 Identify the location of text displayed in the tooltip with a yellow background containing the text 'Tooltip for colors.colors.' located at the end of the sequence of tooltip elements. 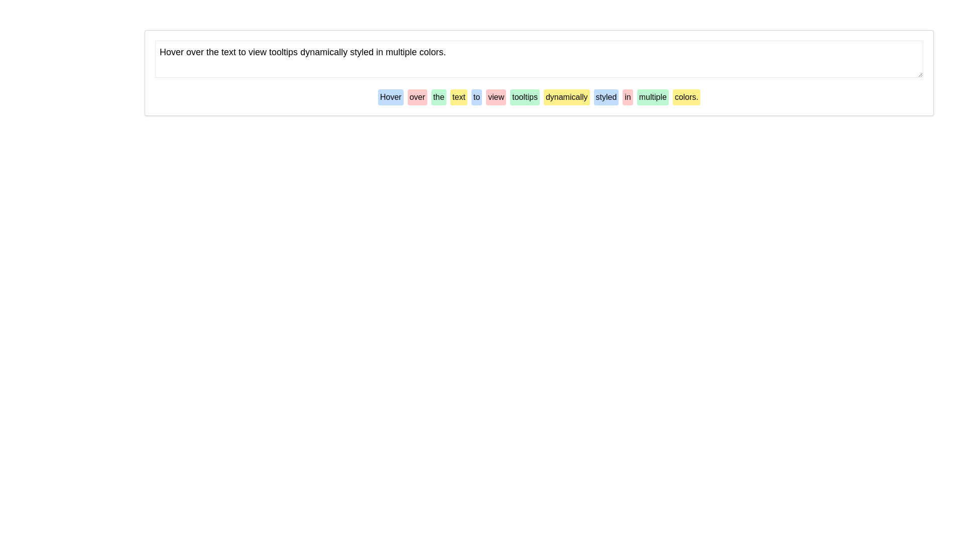
(686, 97).